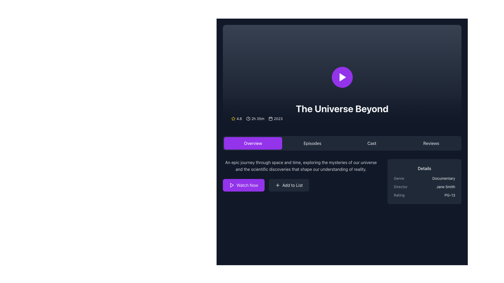 The height and width of the screenshot is (283, 504). What do you see at coordinates (342, 143) in the screenshot?
I see `the navigation bar containing the tabs labeled 'Overview', 'Episodes', 'Cast', and 'Reviews'` at bounding box center [342, 143].